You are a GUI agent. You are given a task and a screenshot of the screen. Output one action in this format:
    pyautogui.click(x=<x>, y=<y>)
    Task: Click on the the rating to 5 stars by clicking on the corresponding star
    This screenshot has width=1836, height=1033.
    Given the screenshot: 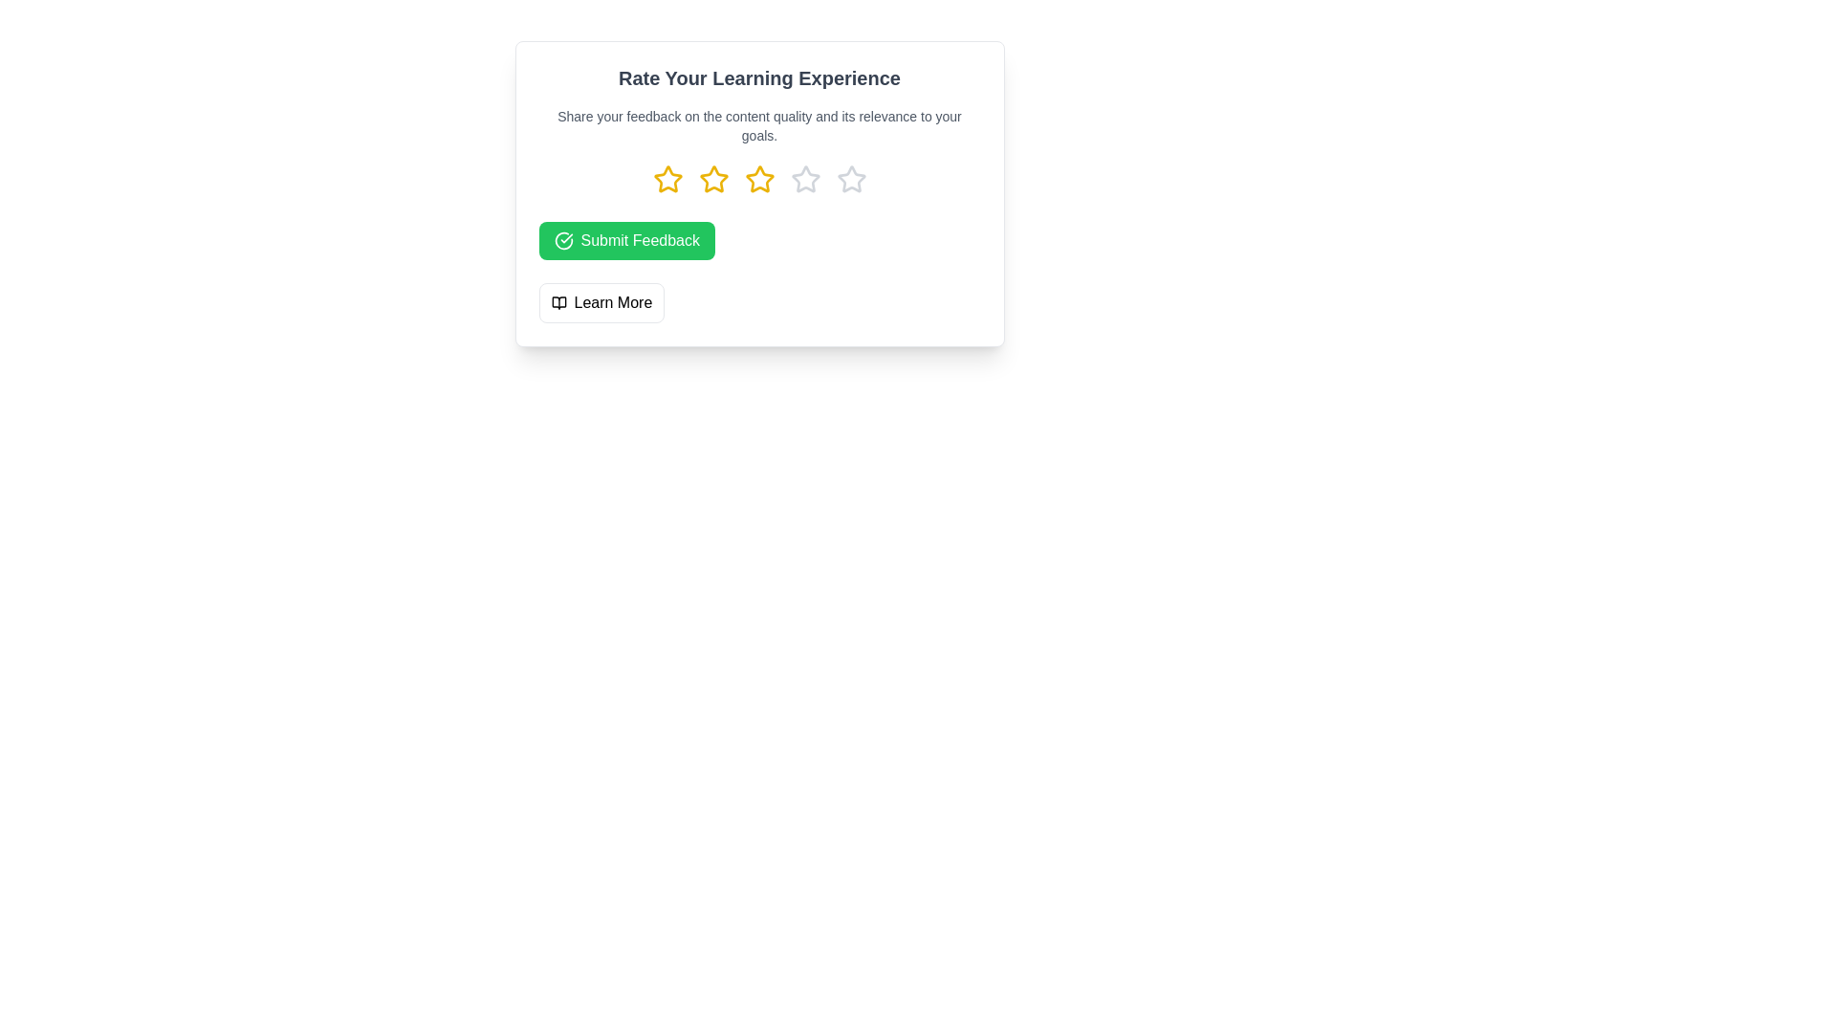 What is the action you would take?
    pyautogui.click(x=850, y=180)
    